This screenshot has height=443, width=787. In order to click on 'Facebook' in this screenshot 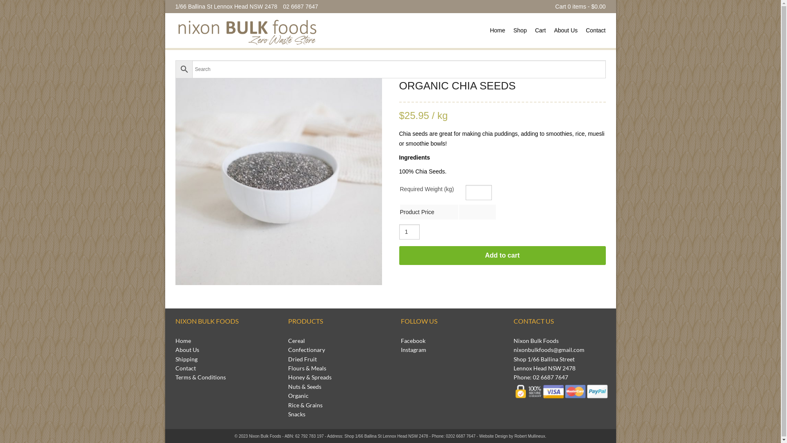, I will do `click(413, 340)`.